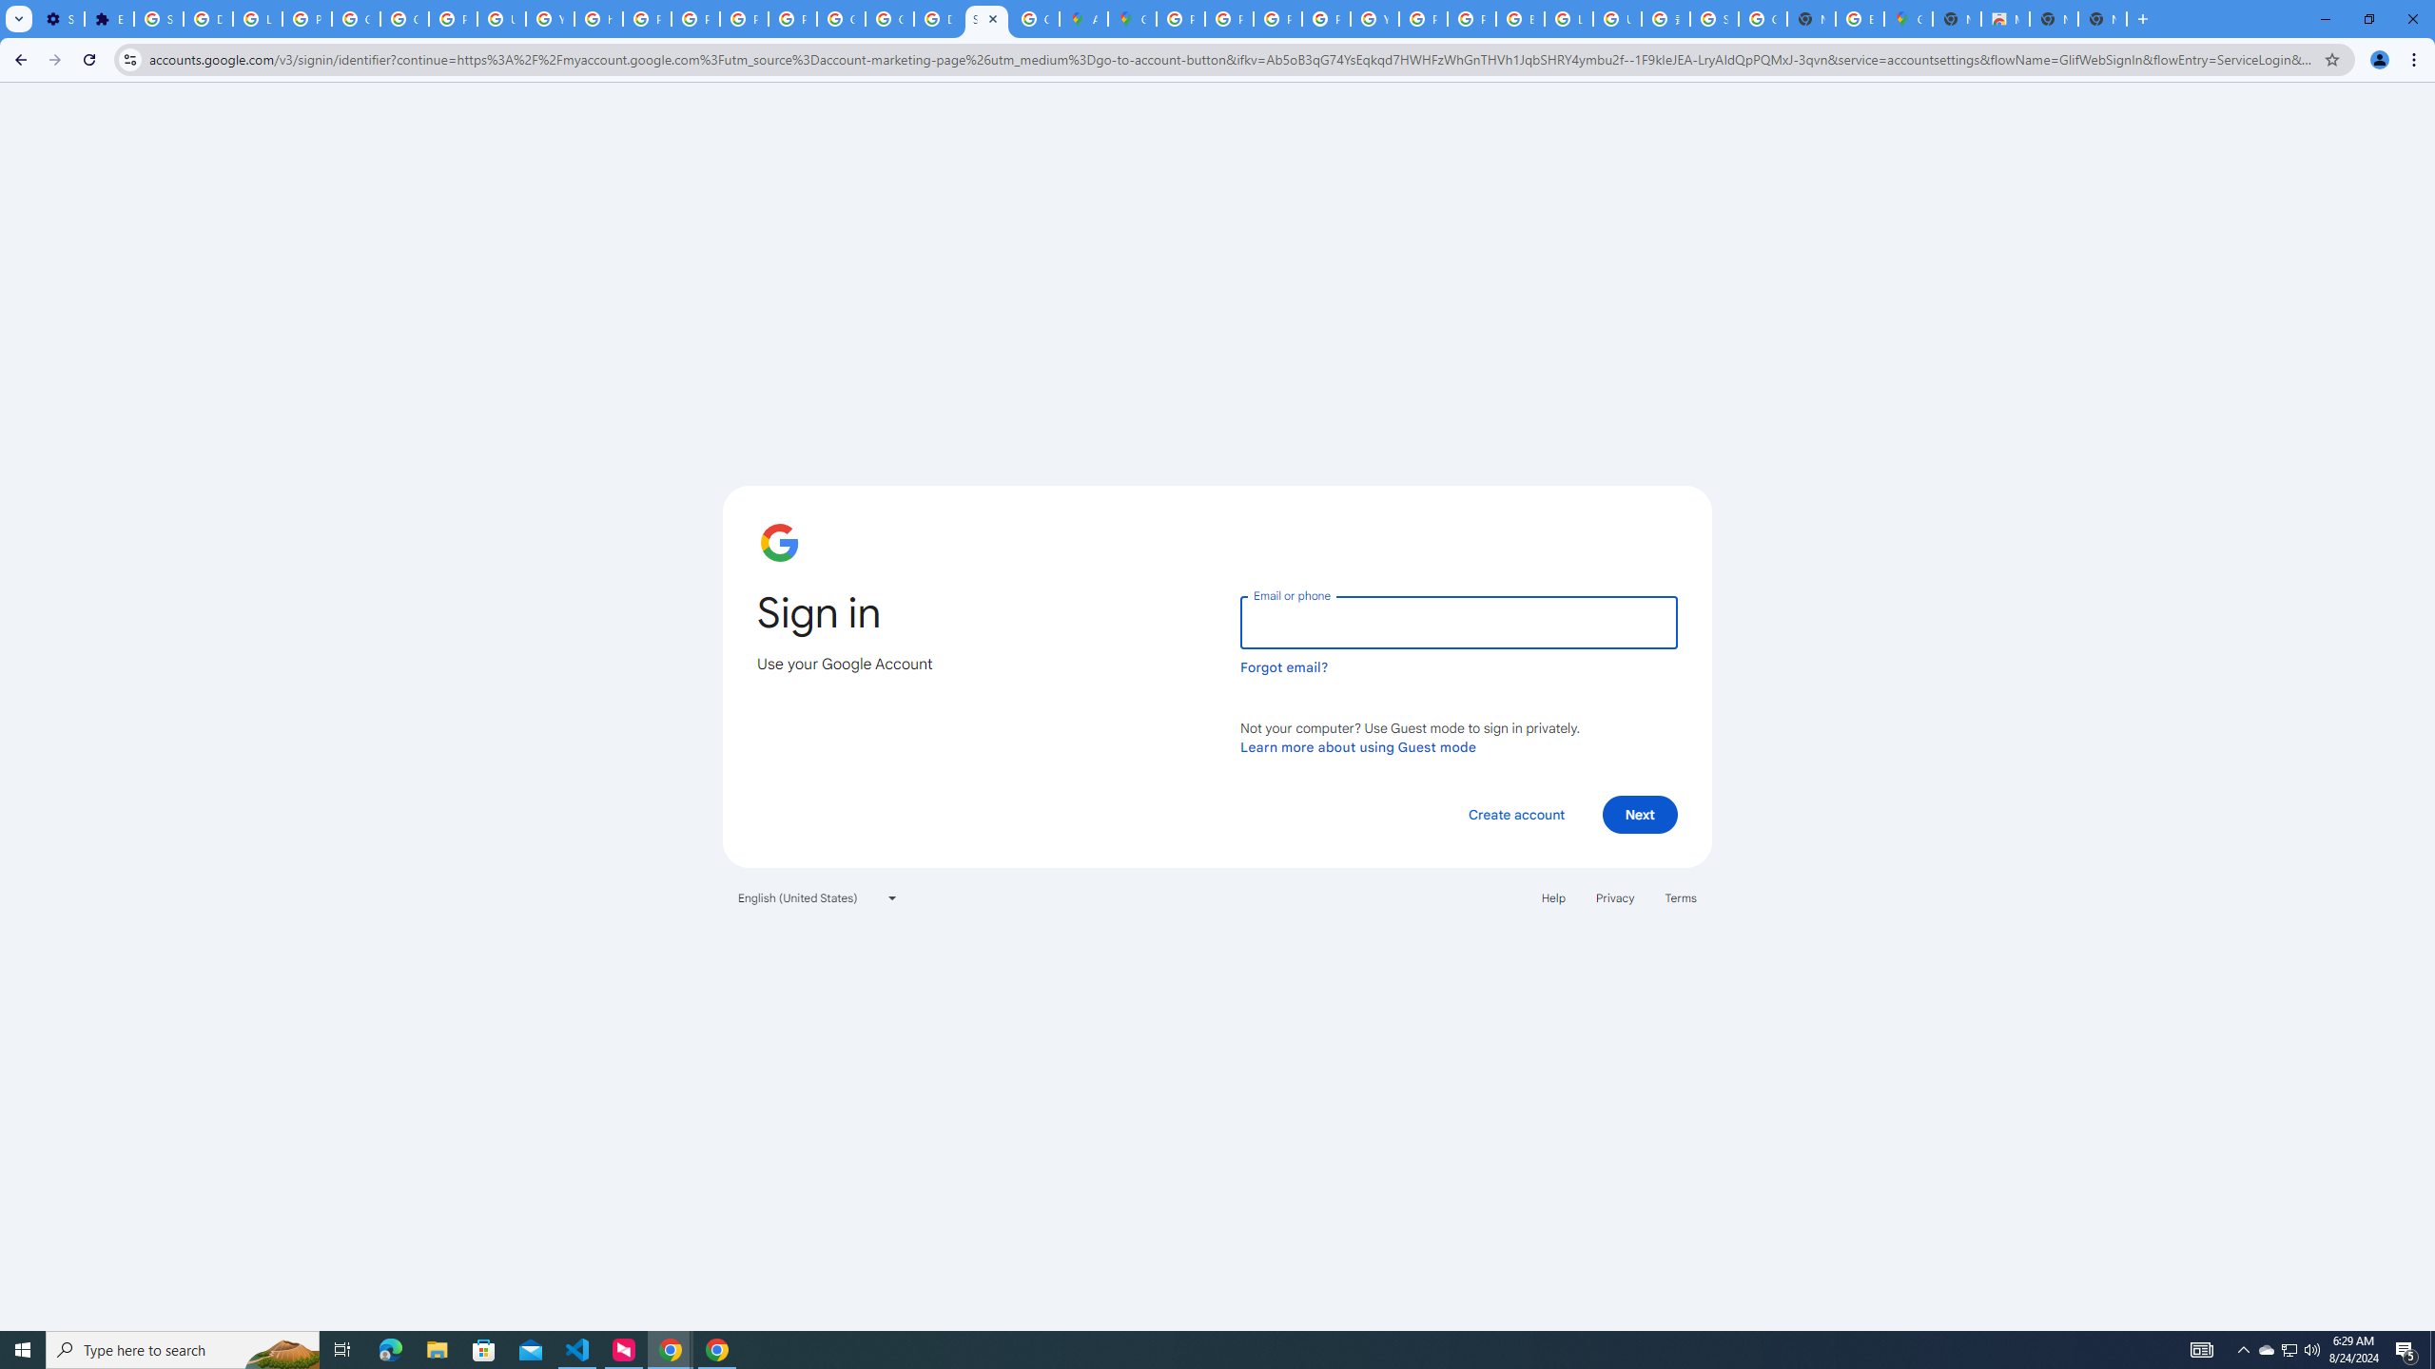 The image size is (2435, 1369). What do you see at coordinates (2144, 18) in the screenshot?
I see `'New Tab'` at bounding box center [2144, 18].